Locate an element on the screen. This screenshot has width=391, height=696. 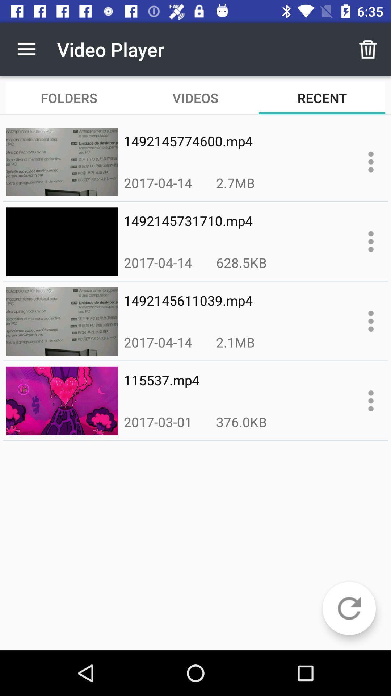
more is located at coordinates (371, 161).